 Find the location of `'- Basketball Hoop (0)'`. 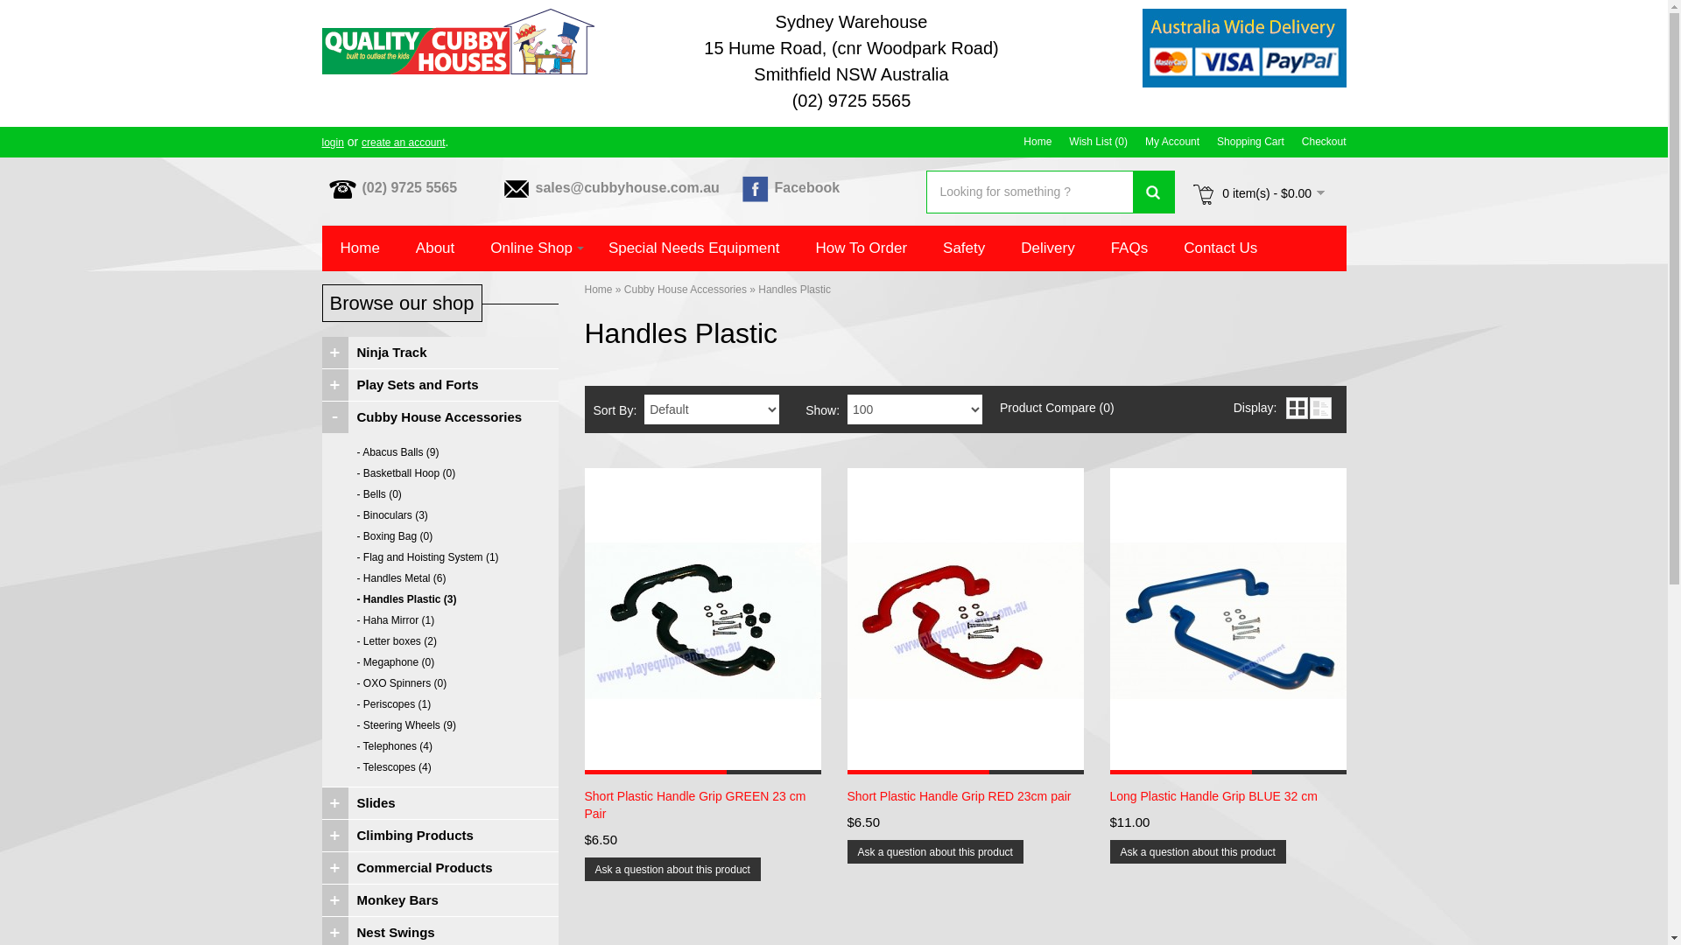

'- Basketball Hoop (0)' is located at coordinates (322, 472).